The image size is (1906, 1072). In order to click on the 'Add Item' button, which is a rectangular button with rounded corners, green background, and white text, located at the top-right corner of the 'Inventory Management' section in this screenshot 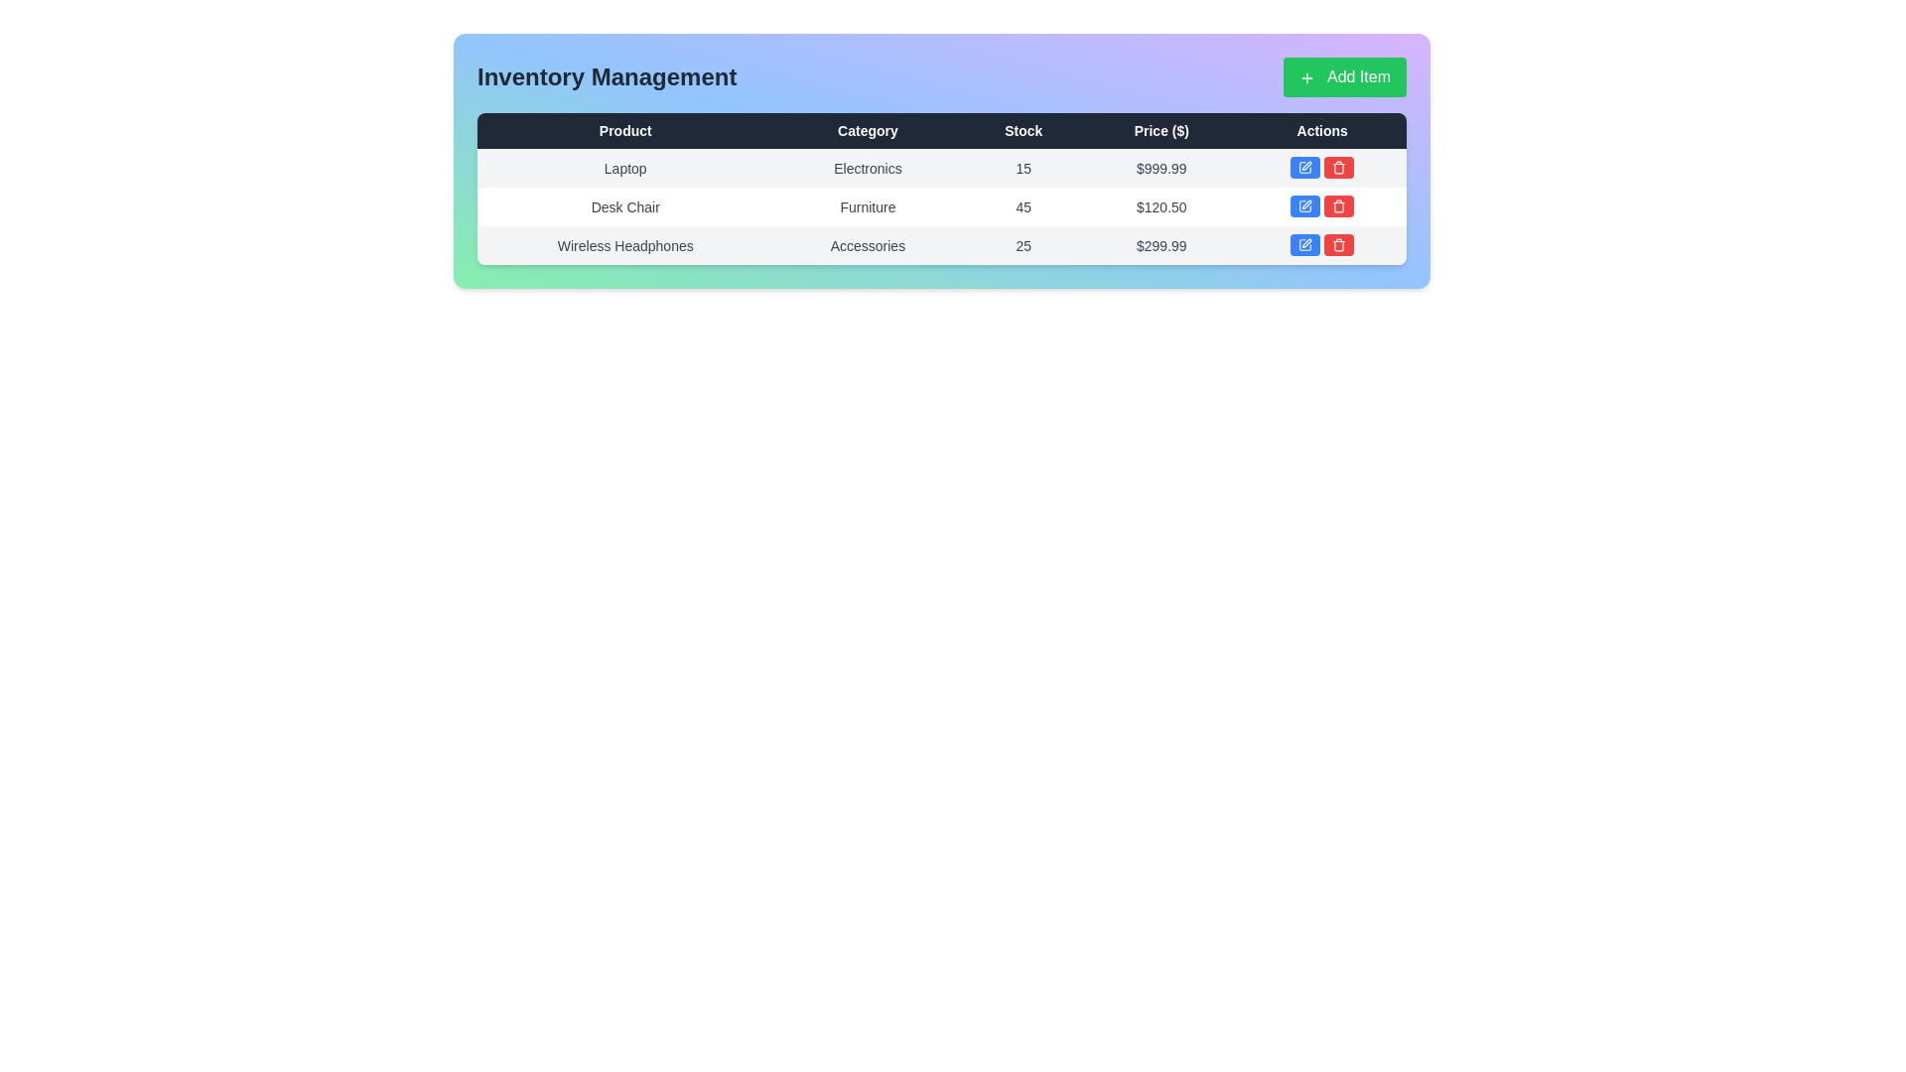, I will do `click(1345, 75)`.